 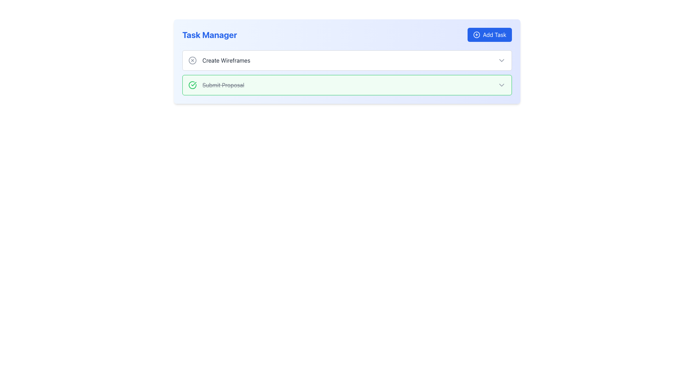 I want to click on the green circular status icon with a checkmark inside, located next to the 'Submit Proposal' task in the 'Task Manager' section, so click(x=193, y=85).